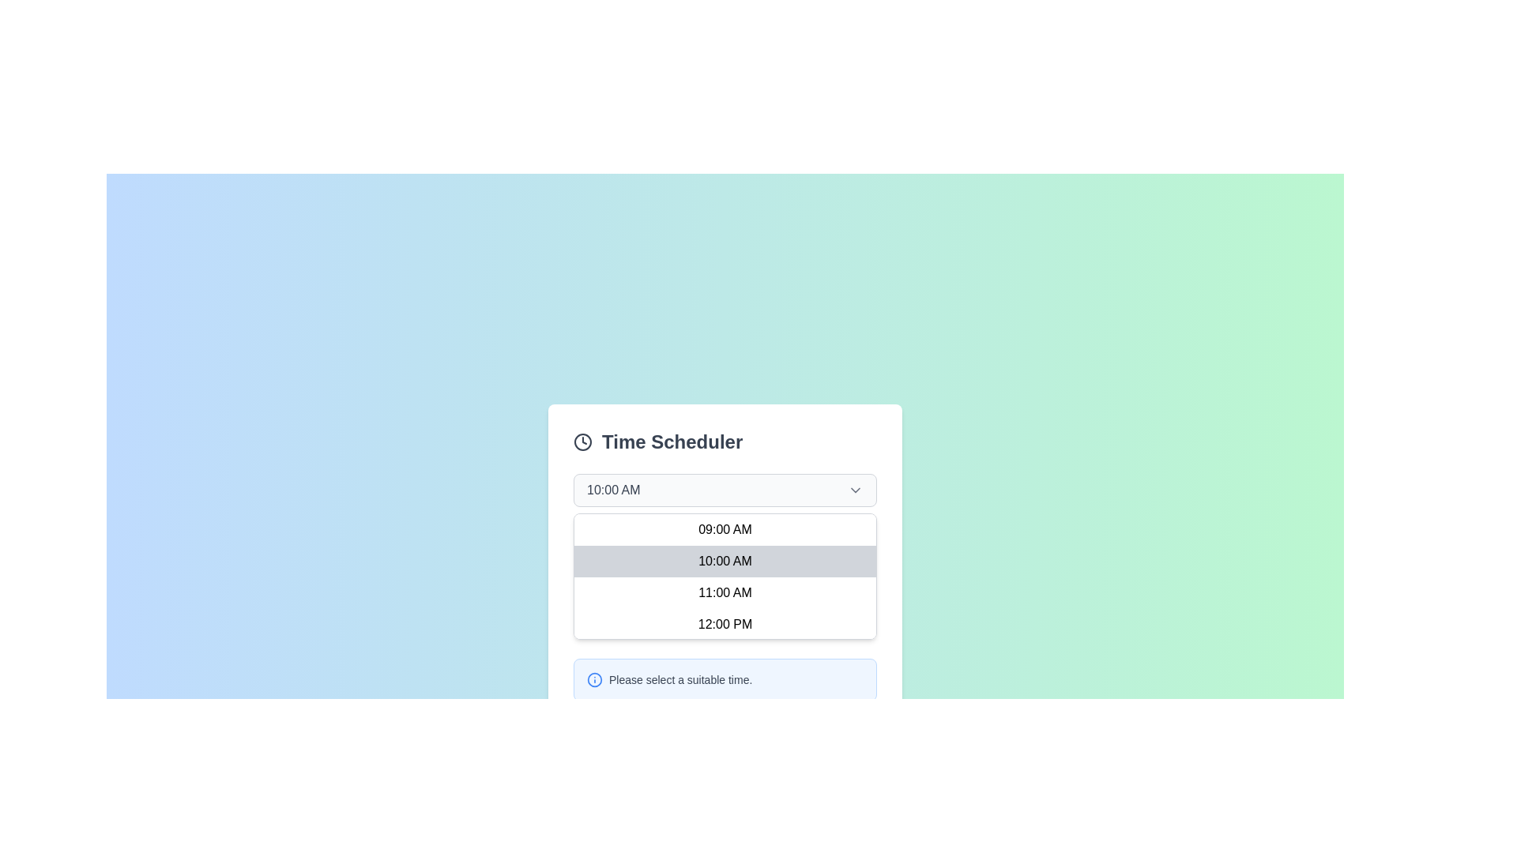  I want to click on the third item in the dropdown menu representing a selectable time option, so click(724, 593).